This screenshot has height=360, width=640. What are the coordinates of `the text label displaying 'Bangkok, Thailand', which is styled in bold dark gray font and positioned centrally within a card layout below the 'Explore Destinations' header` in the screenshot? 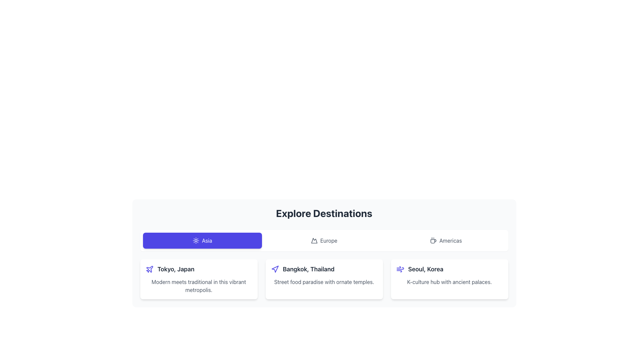 It's located at (308, 269).